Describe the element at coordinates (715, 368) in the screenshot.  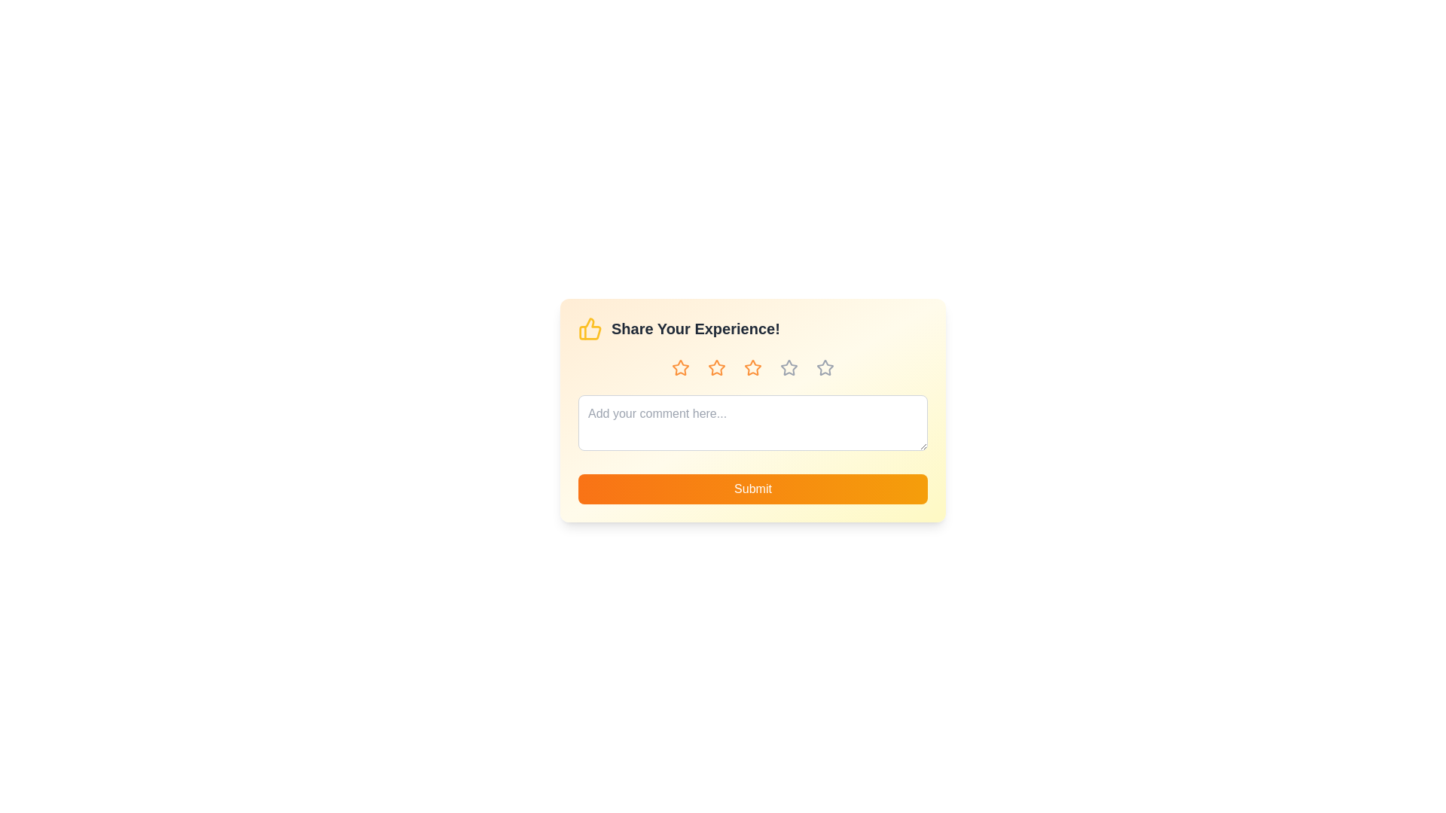
I see `the rating to 2 stars by clicking on the respective star` at that location.